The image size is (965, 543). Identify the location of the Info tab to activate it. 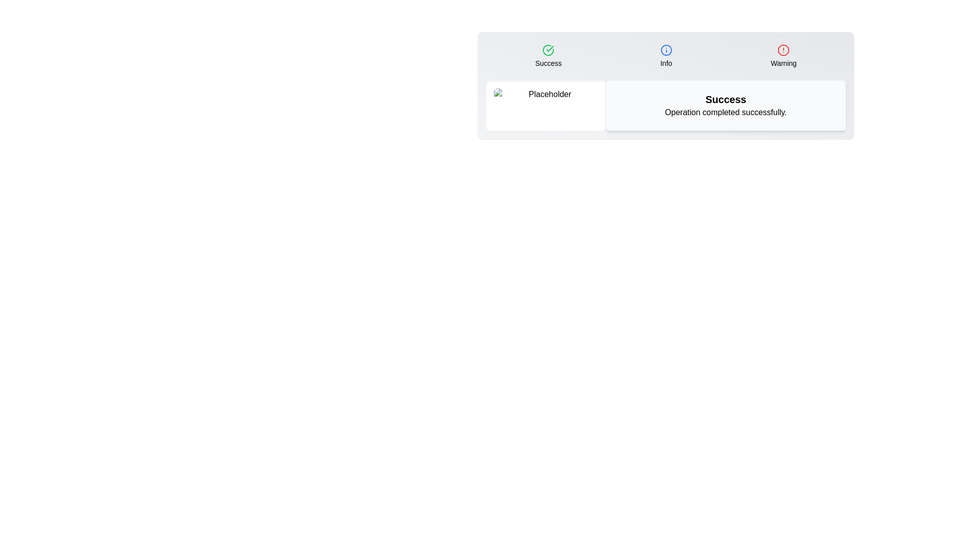
(665, 56).